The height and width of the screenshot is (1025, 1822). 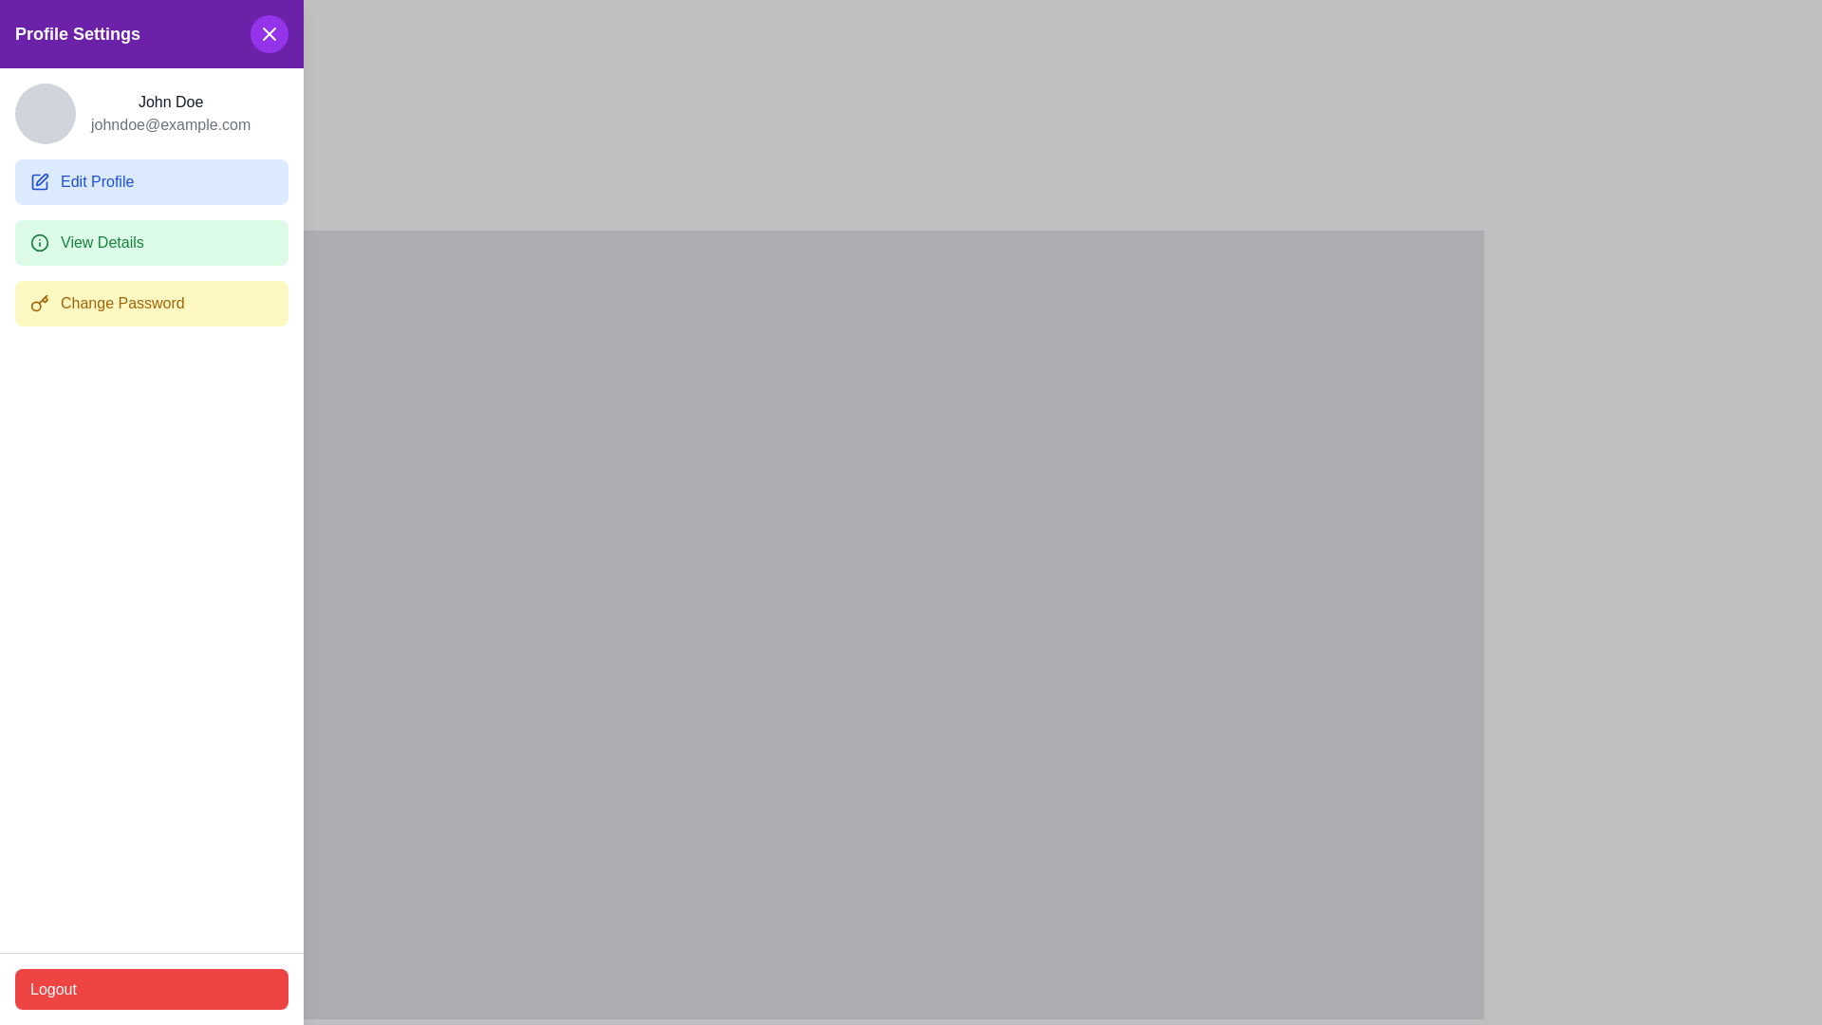 I want to click on the 'Change Password' button, which is a pale yellow rectangular button with rounded corners located in the 'Profile Settings' section, so click(x=150, y=303).